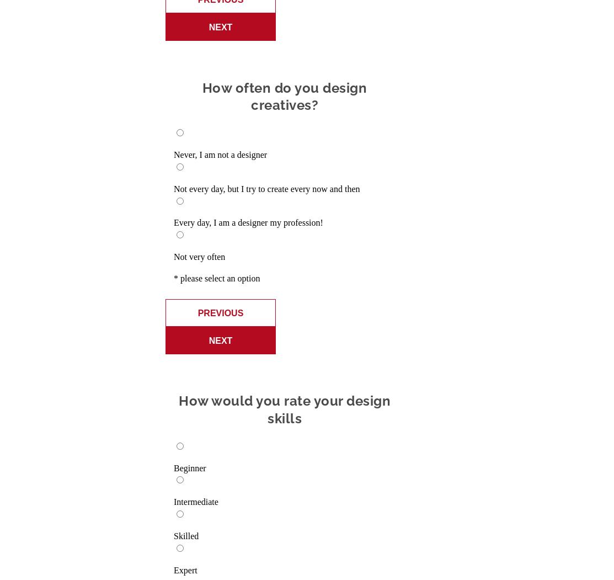 Image resolution: width=614 pixels, height=580 pixels. What do you see at coordinates (197, 312) in the screenshot?
I see `'Previous'` at bounding box center [197, 312].